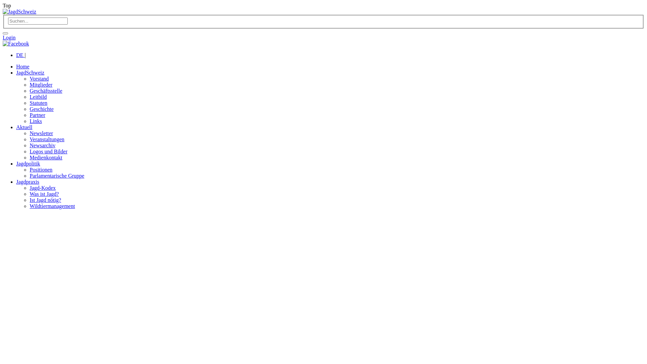 This screenshot has width=647, height=364. What do you see at coordinates (20, 55) in the screenshot?
I see `'DE'` at bounding box center [20, 55].